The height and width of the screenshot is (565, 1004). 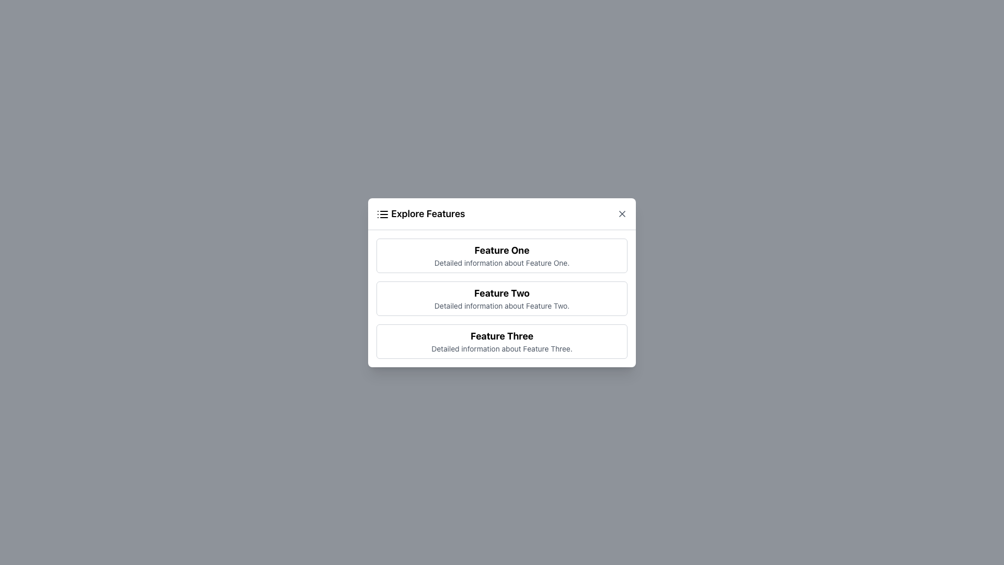 What do you see at coordinates (502, 348) in the screenshot?
I see `text content of the second Text Label associated with 'Feature Three' in the third feature card` at bounding box center [502, 348].